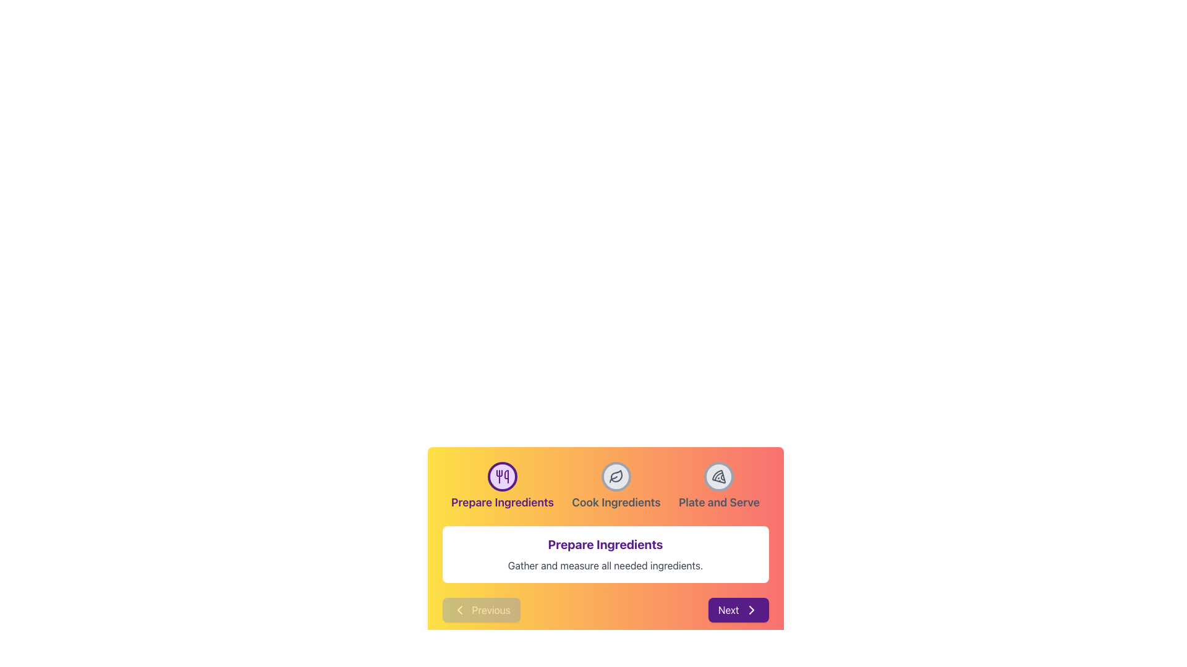 The image size is (1187, 667). I want to click on the 'Cook Ingredients' button, which features a leaf icon in a circular border and is positioned between 'Prepare Ingredients' and 'Plate and Serve', so click(616, 485).